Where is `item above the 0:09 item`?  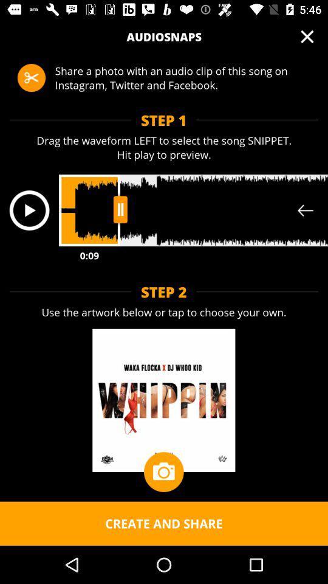
item above the 0:09 item is located at coordinates (29, 210).